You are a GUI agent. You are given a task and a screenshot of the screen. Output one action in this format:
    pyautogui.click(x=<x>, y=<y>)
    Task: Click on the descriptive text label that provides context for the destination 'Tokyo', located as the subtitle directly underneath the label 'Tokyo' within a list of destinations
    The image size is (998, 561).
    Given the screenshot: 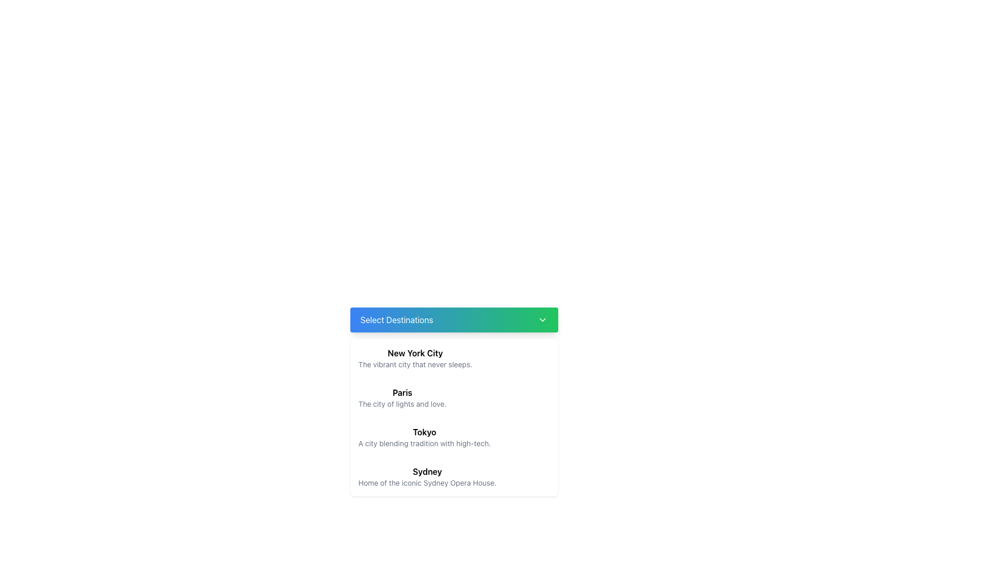 What is the action you would take?
    pyautogui.click(x=424, y=443)
    